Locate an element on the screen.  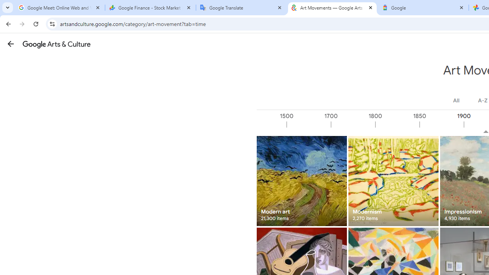
'Google' is located at coordinates (423, 8).